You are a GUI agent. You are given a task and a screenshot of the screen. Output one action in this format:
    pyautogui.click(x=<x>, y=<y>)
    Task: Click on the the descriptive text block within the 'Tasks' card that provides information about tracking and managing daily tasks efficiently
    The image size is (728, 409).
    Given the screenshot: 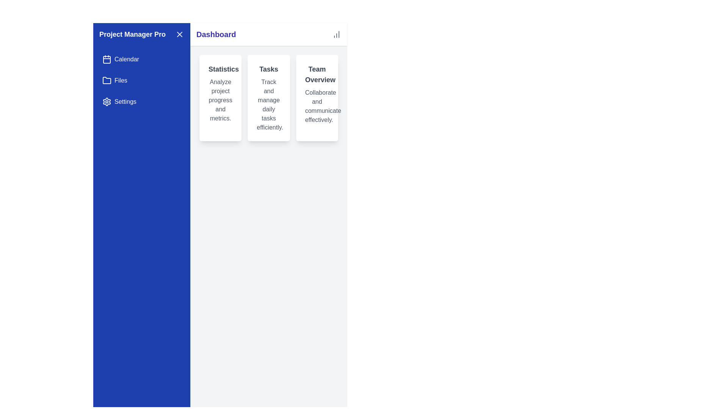 What is the action you would take?
    pyautogui.click(x=269, y=105)
    